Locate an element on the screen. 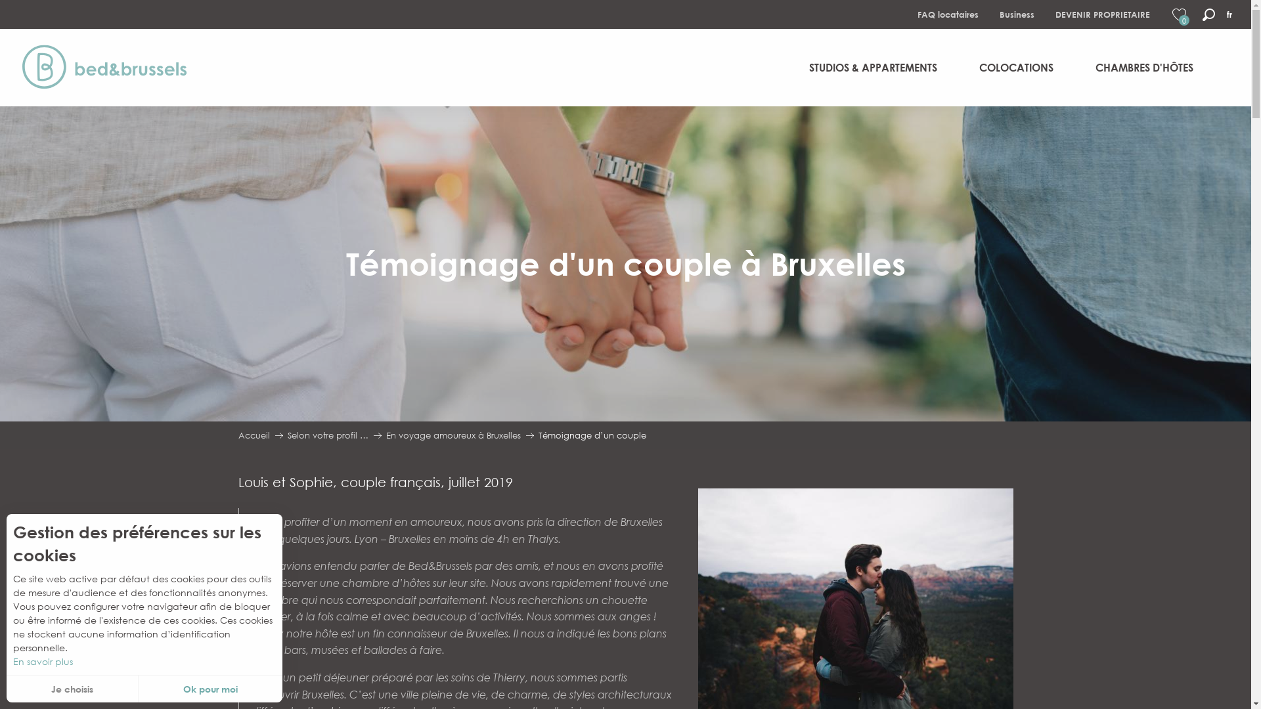 This screenshot has width=1261, height=709. 'FAQ locataires' is located at coordinates (948, 14).